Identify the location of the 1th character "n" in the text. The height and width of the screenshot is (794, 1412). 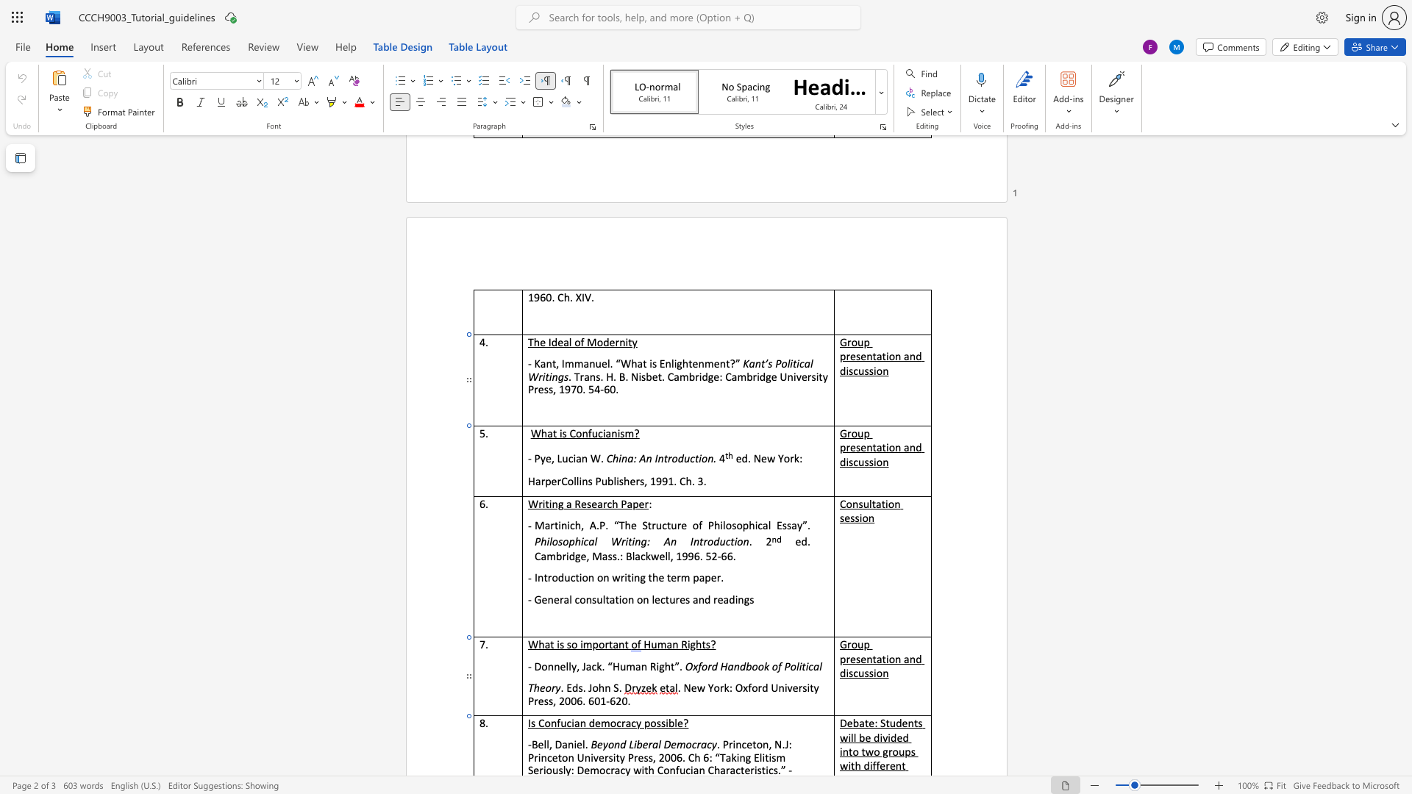
(584, 457).